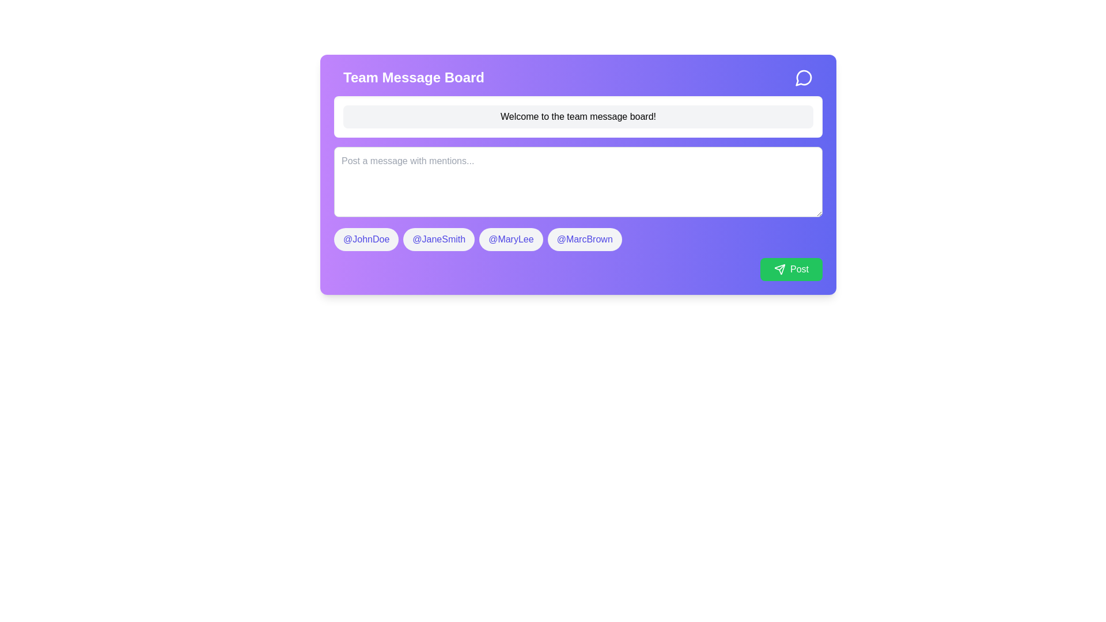 This screenshot has height=622, width=1106. Describe the element at coordinates (438, 239) in the screenshot. I see `the rounded gray button with indigo text labeled '@JaneSmith' to interact or select it` at that location.